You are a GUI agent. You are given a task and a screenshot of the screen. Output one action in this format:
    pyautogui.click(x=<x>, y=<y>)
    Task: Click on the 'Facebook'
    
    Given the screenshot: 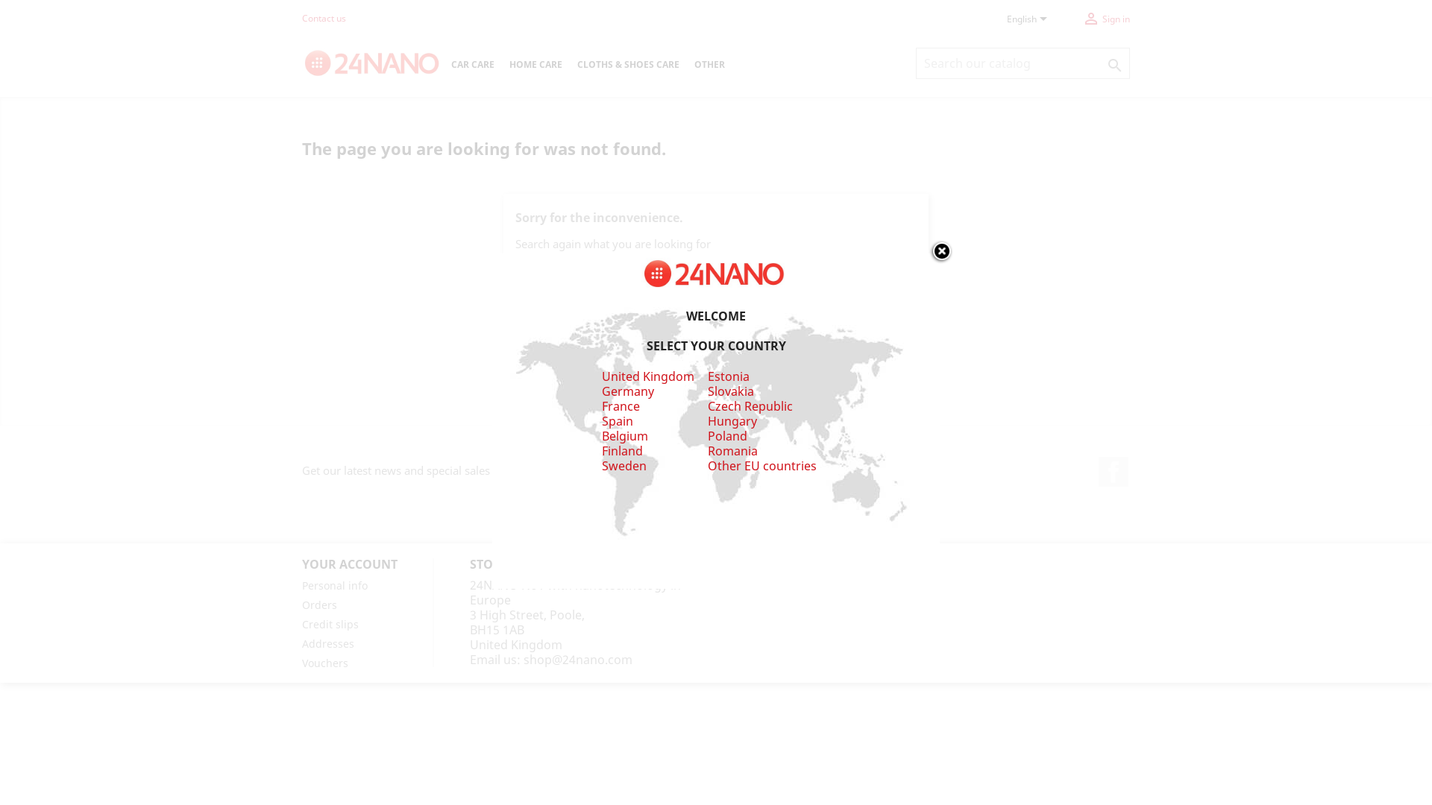 What is the action you would take?
    pyautogui.click(x=1113, y=471)
    